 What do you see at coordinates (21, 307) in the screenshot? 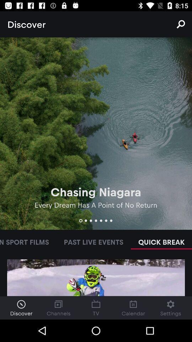
I see `the time icon` at bounding box center [21, 307].